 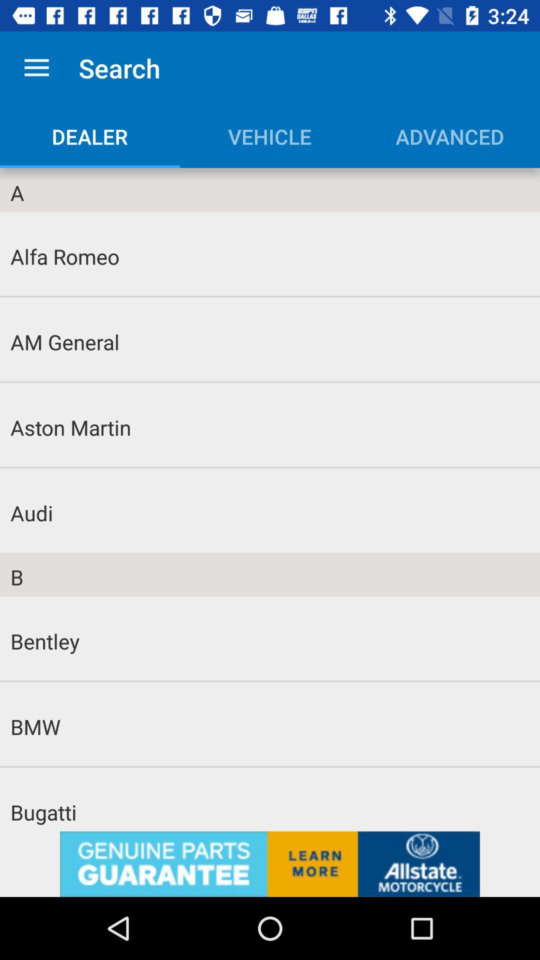 I want to click on open advertisement, so click(x=270, y=863).